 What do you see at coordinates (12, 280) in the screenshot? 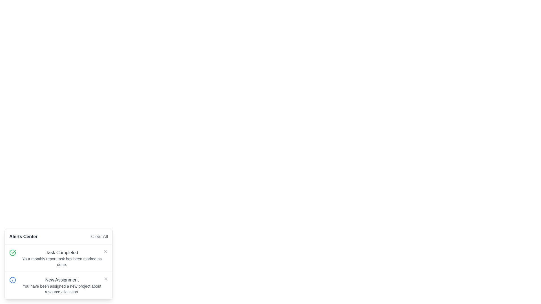
I see `the information icon located to the left of the text within the 'New Assignment' notification card` at bounding box center [12, 280].